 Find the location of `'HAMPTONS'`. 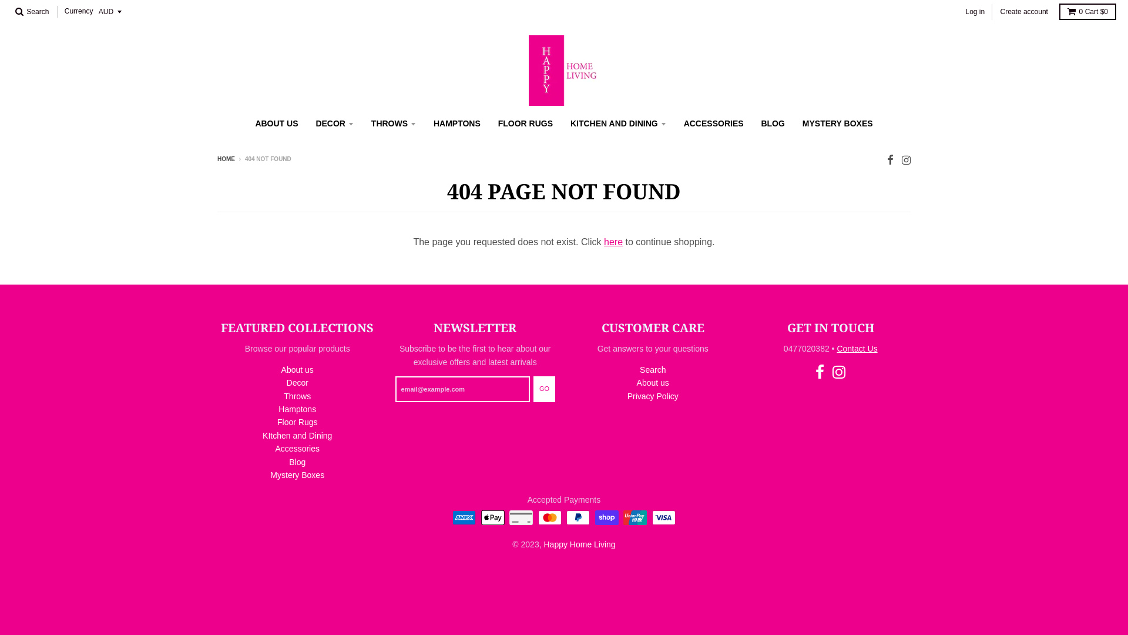

'HAMPTONS' is located at coordinates (456, 123).